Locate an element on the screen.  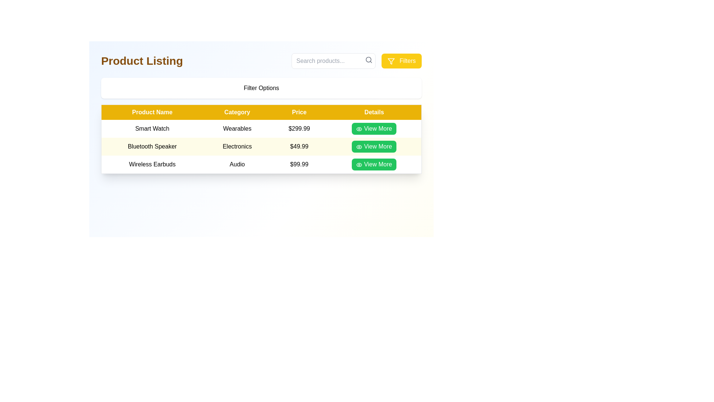
the first column header cell of the data table displaying product names, located at the top-left of the table above the 'Smart Watch' row is located at coordinates (152, 112).